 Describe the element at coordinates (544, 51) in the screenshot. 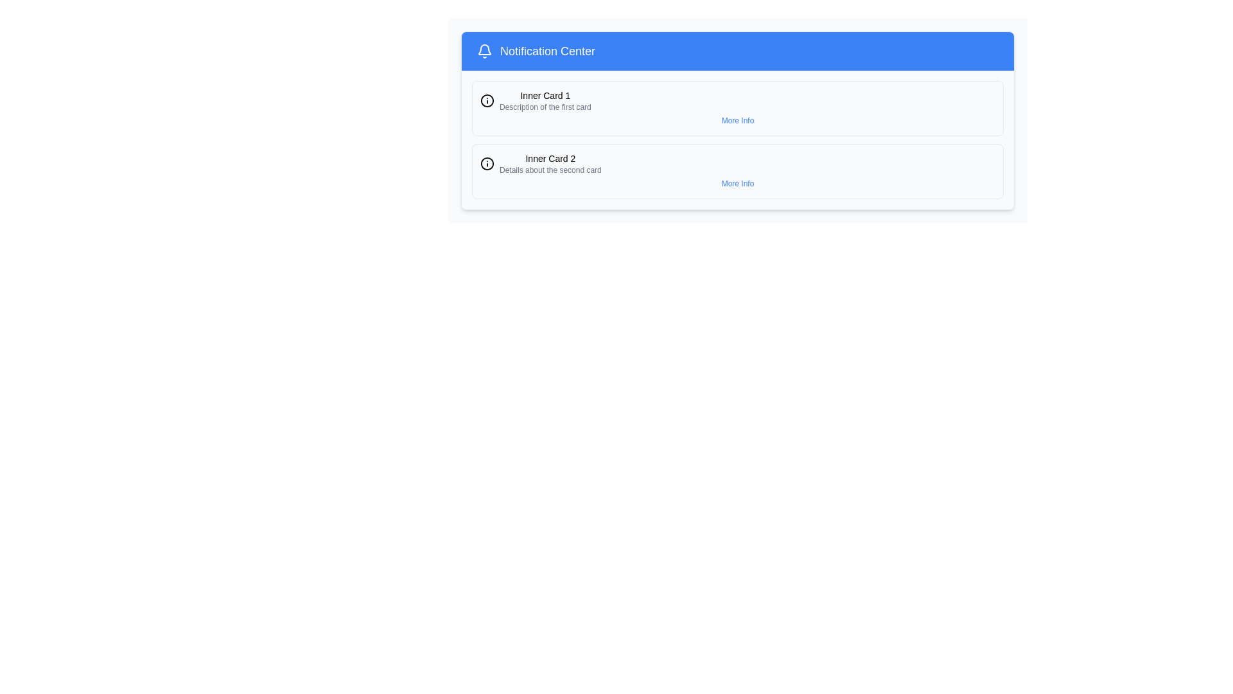

I see `the Text Label that indicates the notifications section, which is positioned to the right of the bell icon at the top of the interface` at that location.